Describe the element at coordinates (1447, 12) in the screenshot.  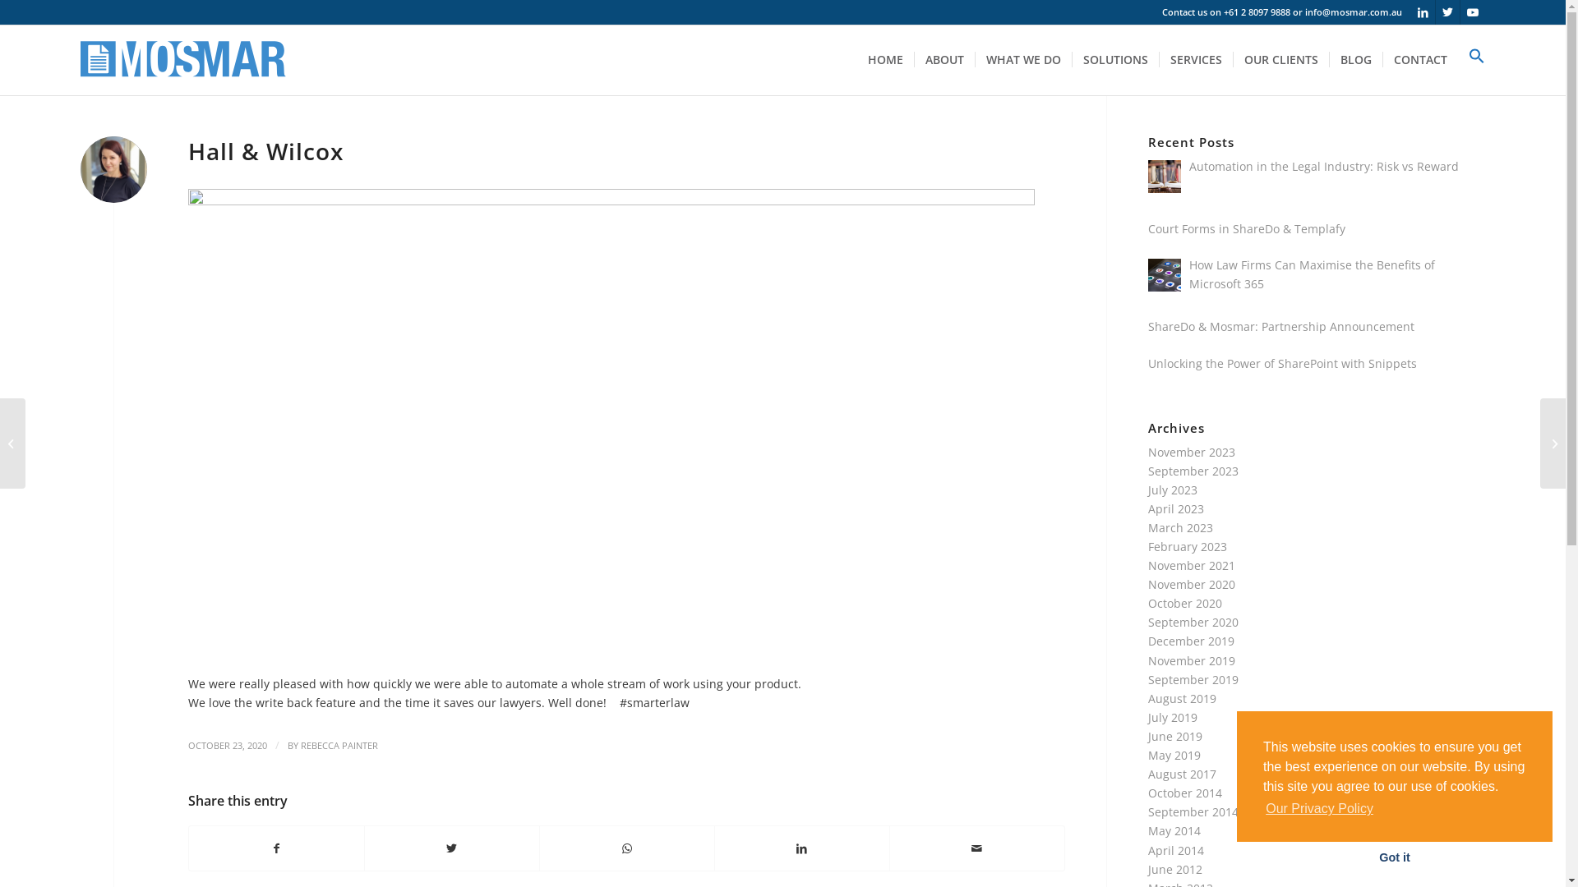
I see `'Twitter'` at that location.